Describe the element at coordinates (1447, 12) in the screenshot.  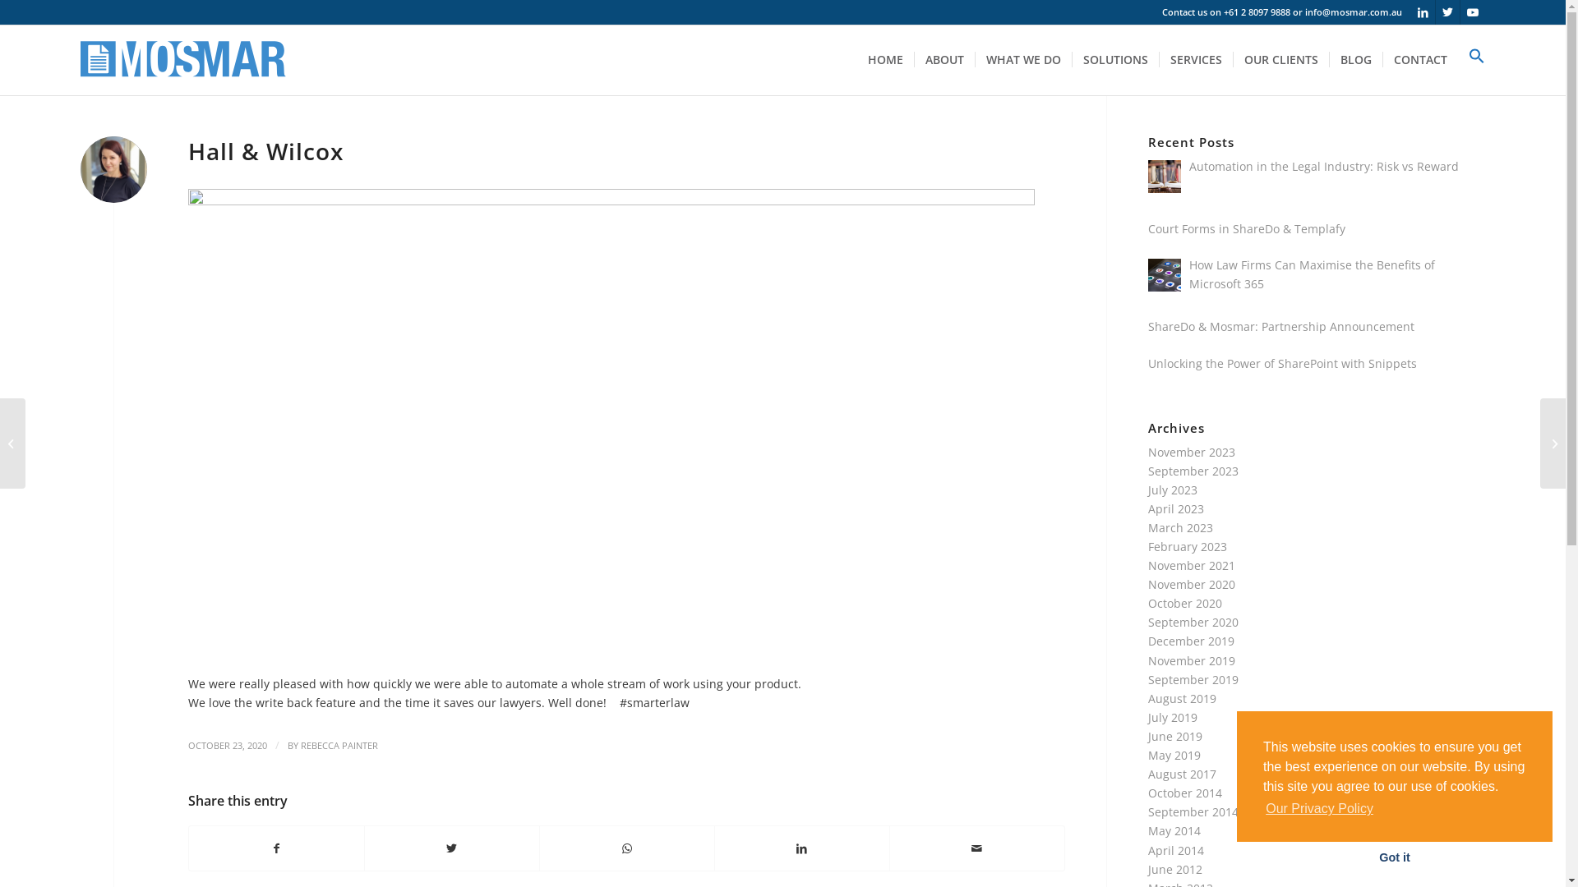
I see `'Twitter'` at that location.